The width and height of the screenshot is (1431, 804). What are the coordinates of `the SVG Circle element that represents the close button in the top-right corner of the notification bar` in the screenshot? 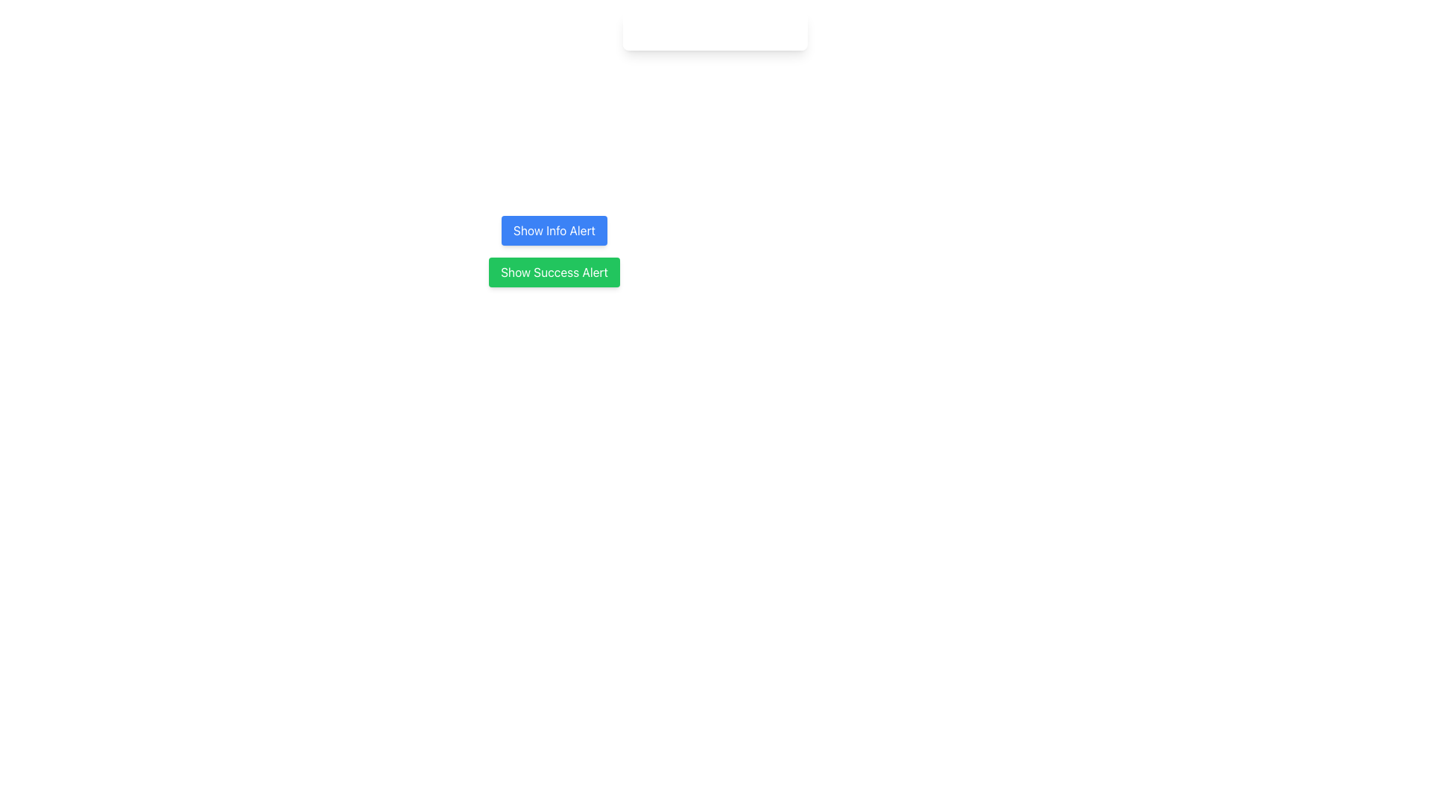 It's located at (780, 31).